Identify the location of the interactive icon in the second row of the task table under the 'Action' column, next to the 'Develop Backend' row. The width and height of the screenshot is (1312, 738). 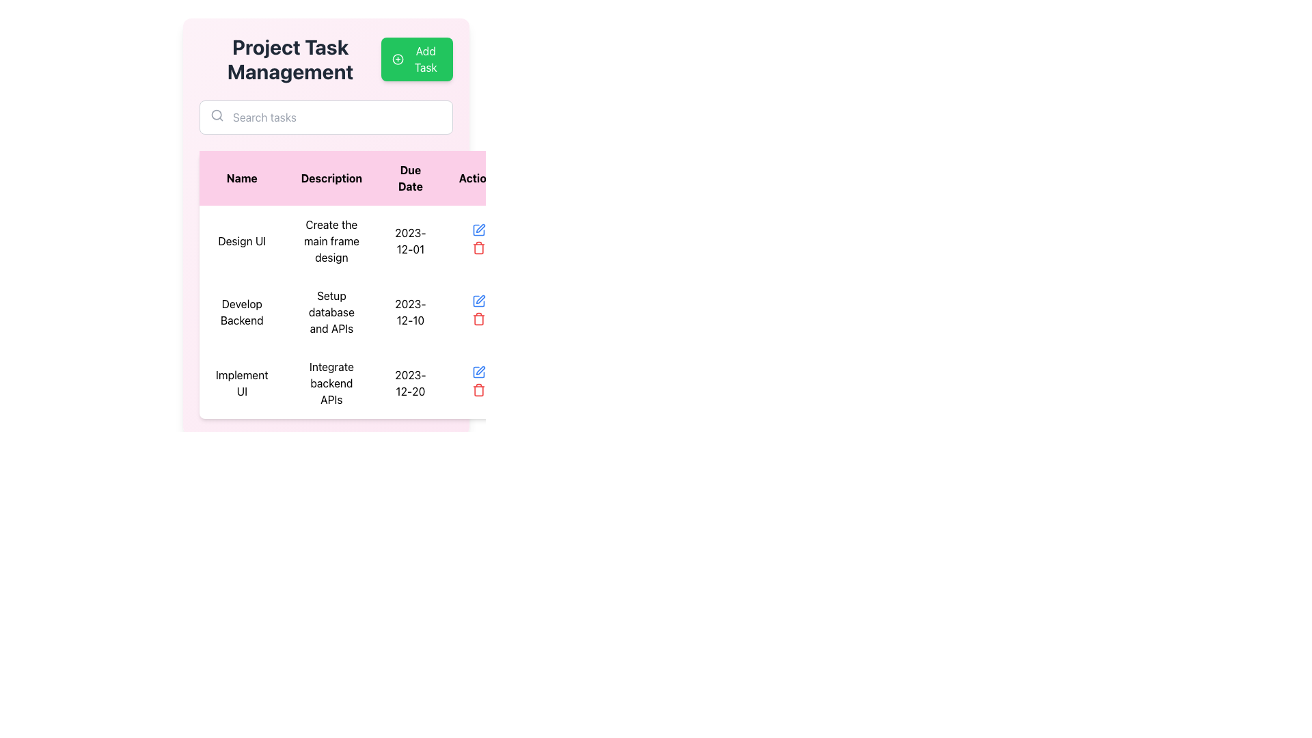
(478, 229).